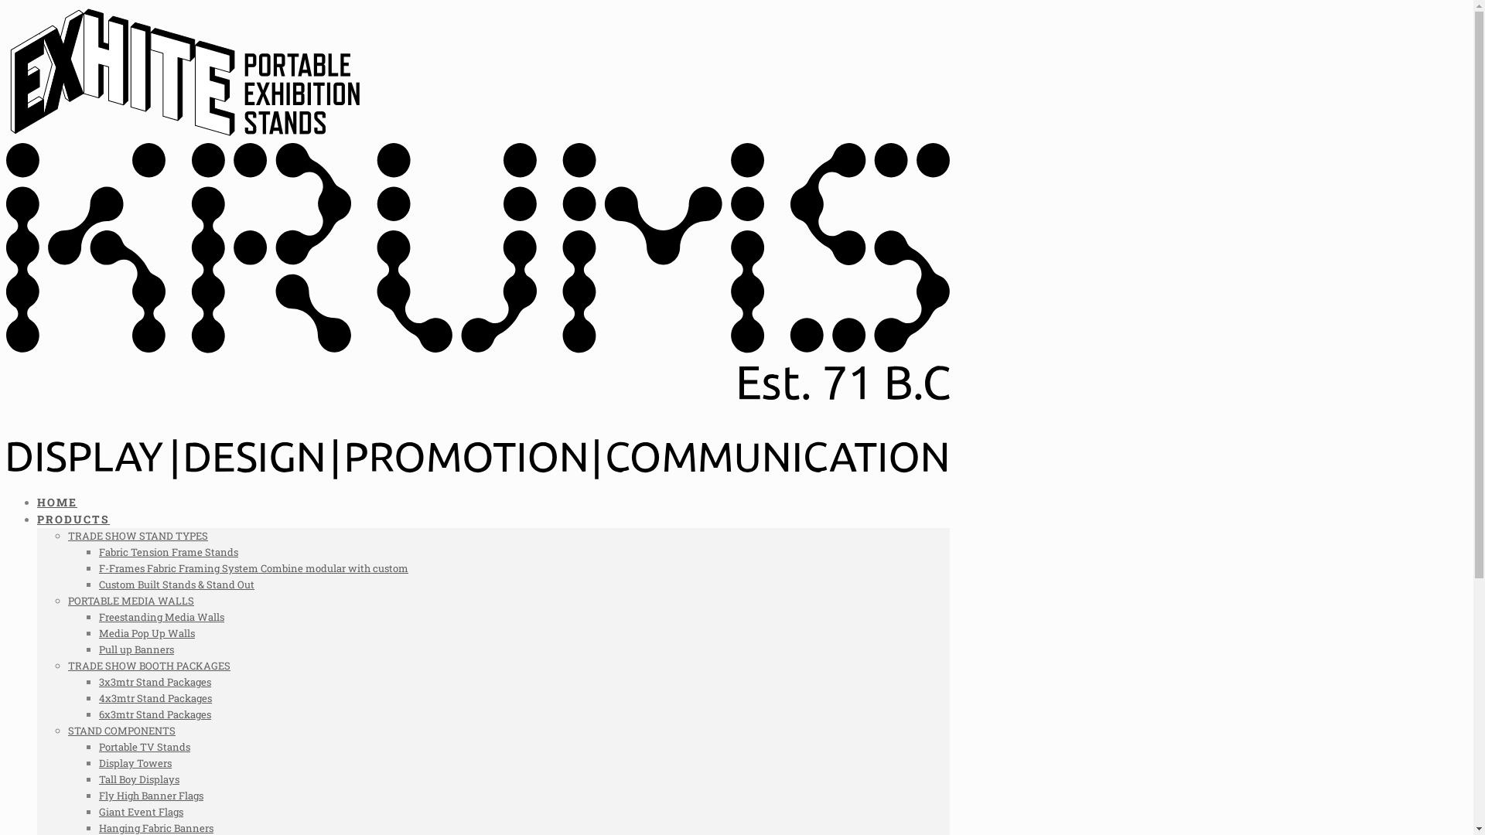 This screenshot has height=835, width=1485. What do you see at coordinates (98, 584) in the screenshot?
I see `'Custom Built Stands & Stand Out'` at bounding box center [98, 584].